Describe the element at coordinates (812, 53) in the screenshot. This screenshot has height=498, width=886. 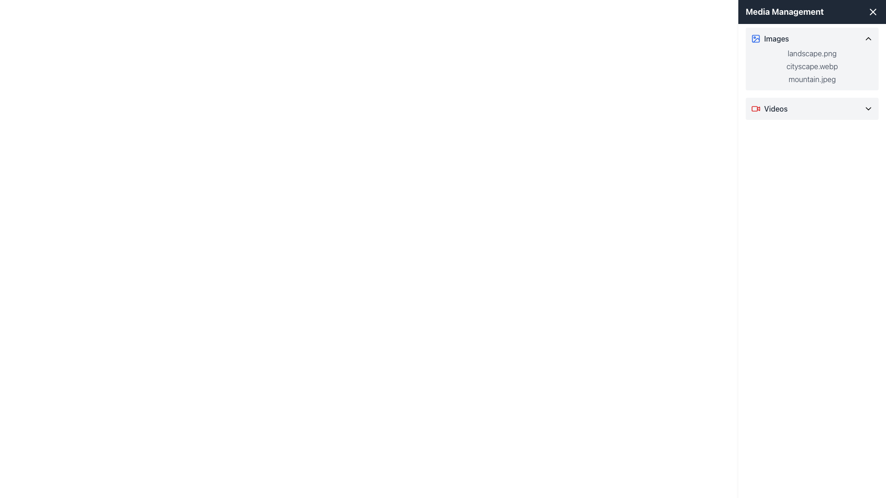
I see `on the text label identifying the file 'landscape.png' in the 'Images' section of the Media Management panel` at that location.